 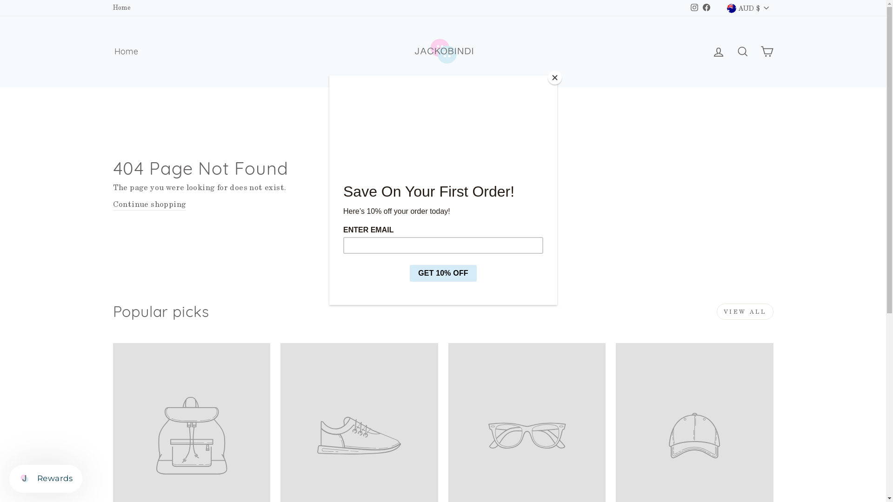 What do you see at coordinates (694, 7) in the screenshot?
I see `'Instagram'` at bounding box center [694, 7].